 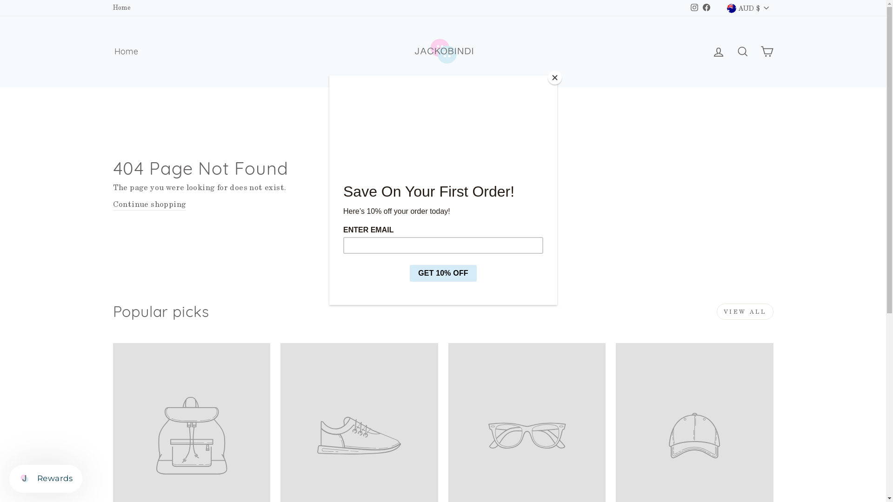 What do you see at coordinates (694, 7) in the screenshot?
I see `'Instagram'` at bounding box center [694, 7].